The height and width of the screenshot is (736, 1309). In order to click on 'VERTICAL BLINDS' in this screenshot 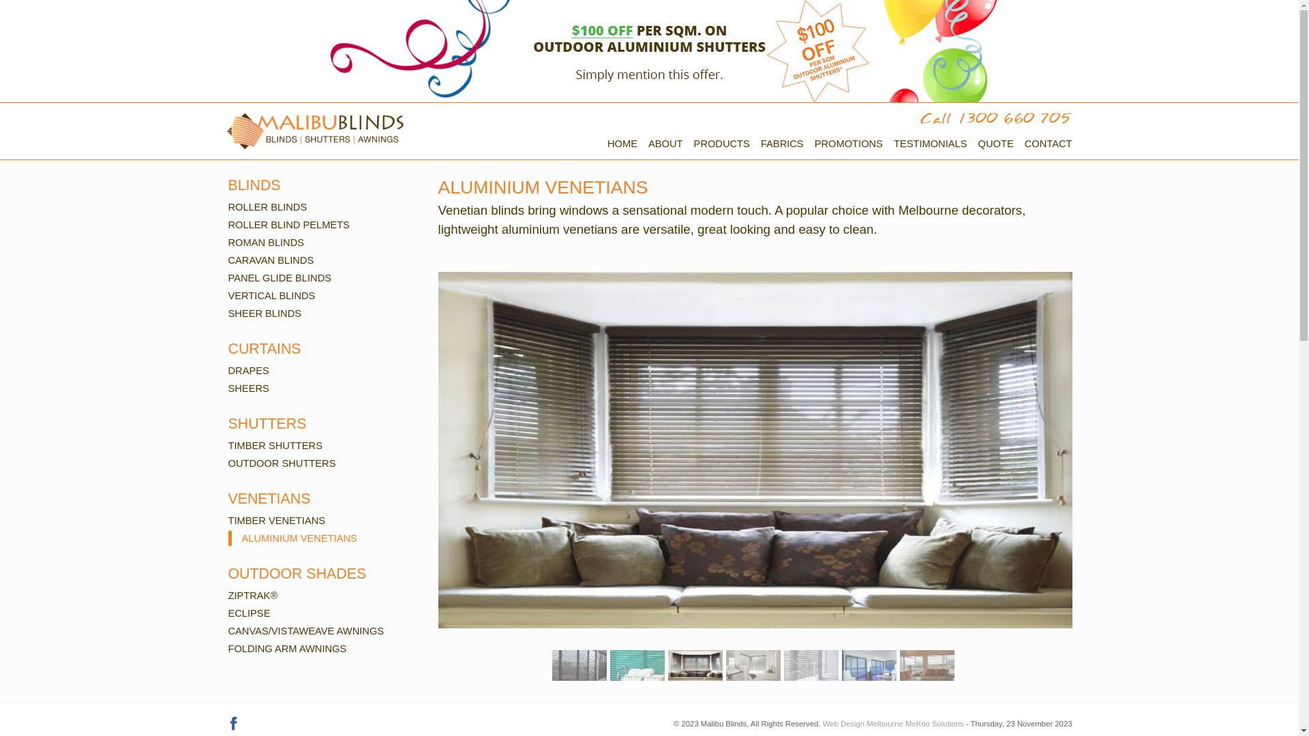, I will do `click(322, 295)`.